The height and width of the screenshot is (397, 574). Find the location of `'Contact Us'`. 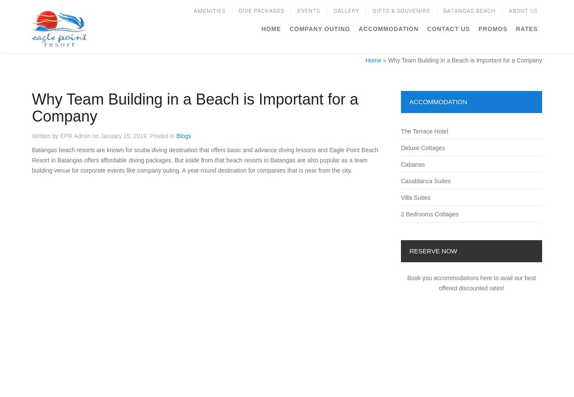

'Contact Us' is located at coordinates (448, 28).